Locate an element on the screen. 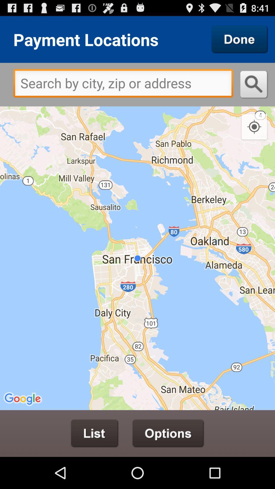 The height and width of the screenshot is (489, 275). options is located at coordinates (168, 433).